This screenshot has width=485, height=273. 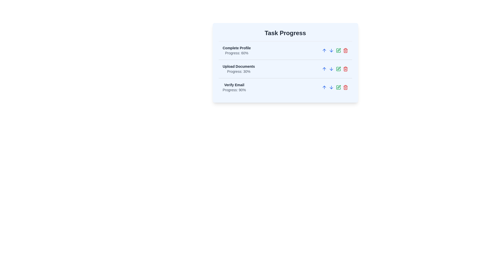 I want to click on the static text element that serves as a heading for the task item 'Complete Profile', which is positioned at the top section of a task progress card, so click(x=236, y=48).